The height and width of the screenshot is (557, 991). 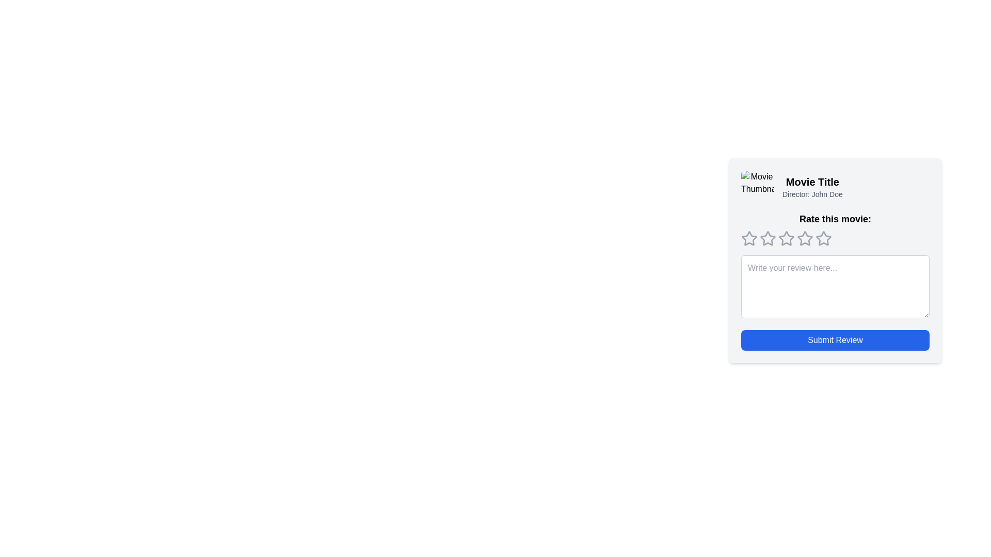 What do you see at coordinates (823, 238) in the screenshot?
I see `the fourth rating star in the SVG format, which is part of a five-tier rating system for a movie, located below the 'Rate this movie:' text` at bounding box center [823, 238].